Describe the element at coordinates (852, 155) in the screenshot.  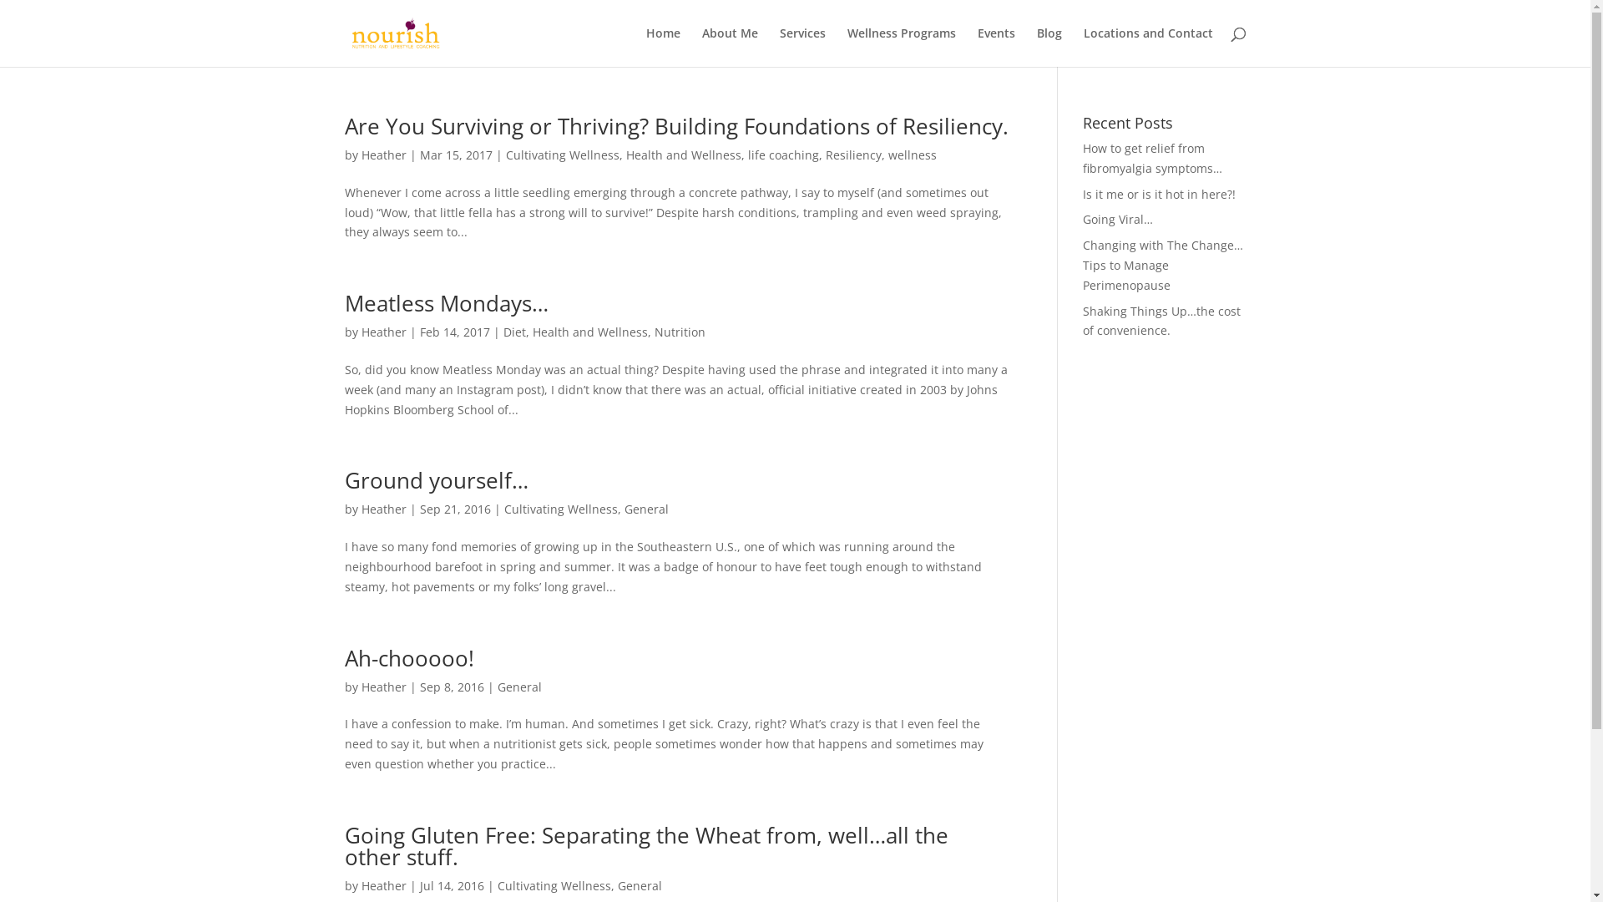
I see `'Resiliency'` at that location.